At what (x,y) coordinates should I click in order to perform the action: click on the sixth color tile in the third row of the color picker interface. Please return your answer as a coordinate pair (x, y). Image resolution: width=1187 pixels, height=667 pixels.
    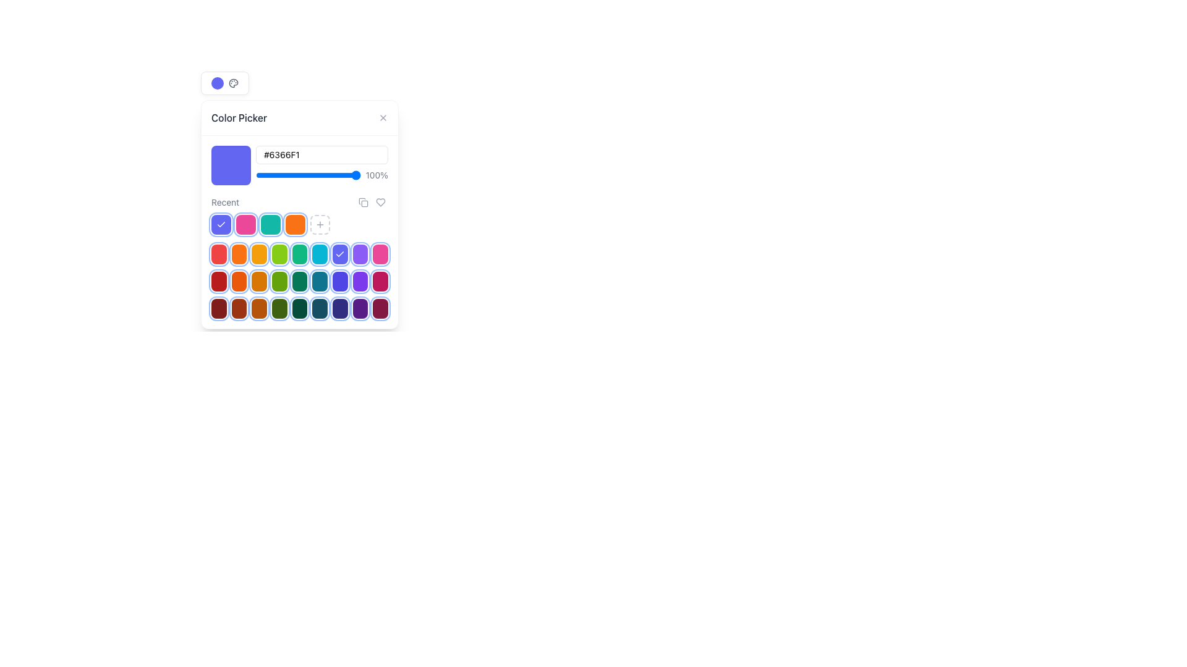
    Looking at the image, I should click on (299, 281).